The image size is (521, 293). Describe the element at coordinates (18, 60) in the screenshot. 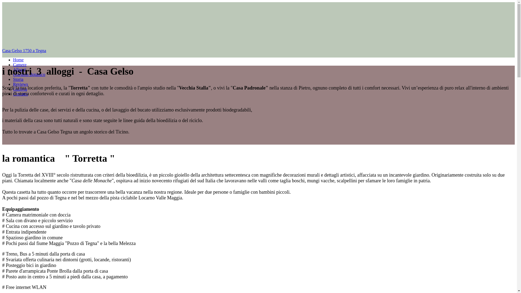

I see `'Home'` at that location.